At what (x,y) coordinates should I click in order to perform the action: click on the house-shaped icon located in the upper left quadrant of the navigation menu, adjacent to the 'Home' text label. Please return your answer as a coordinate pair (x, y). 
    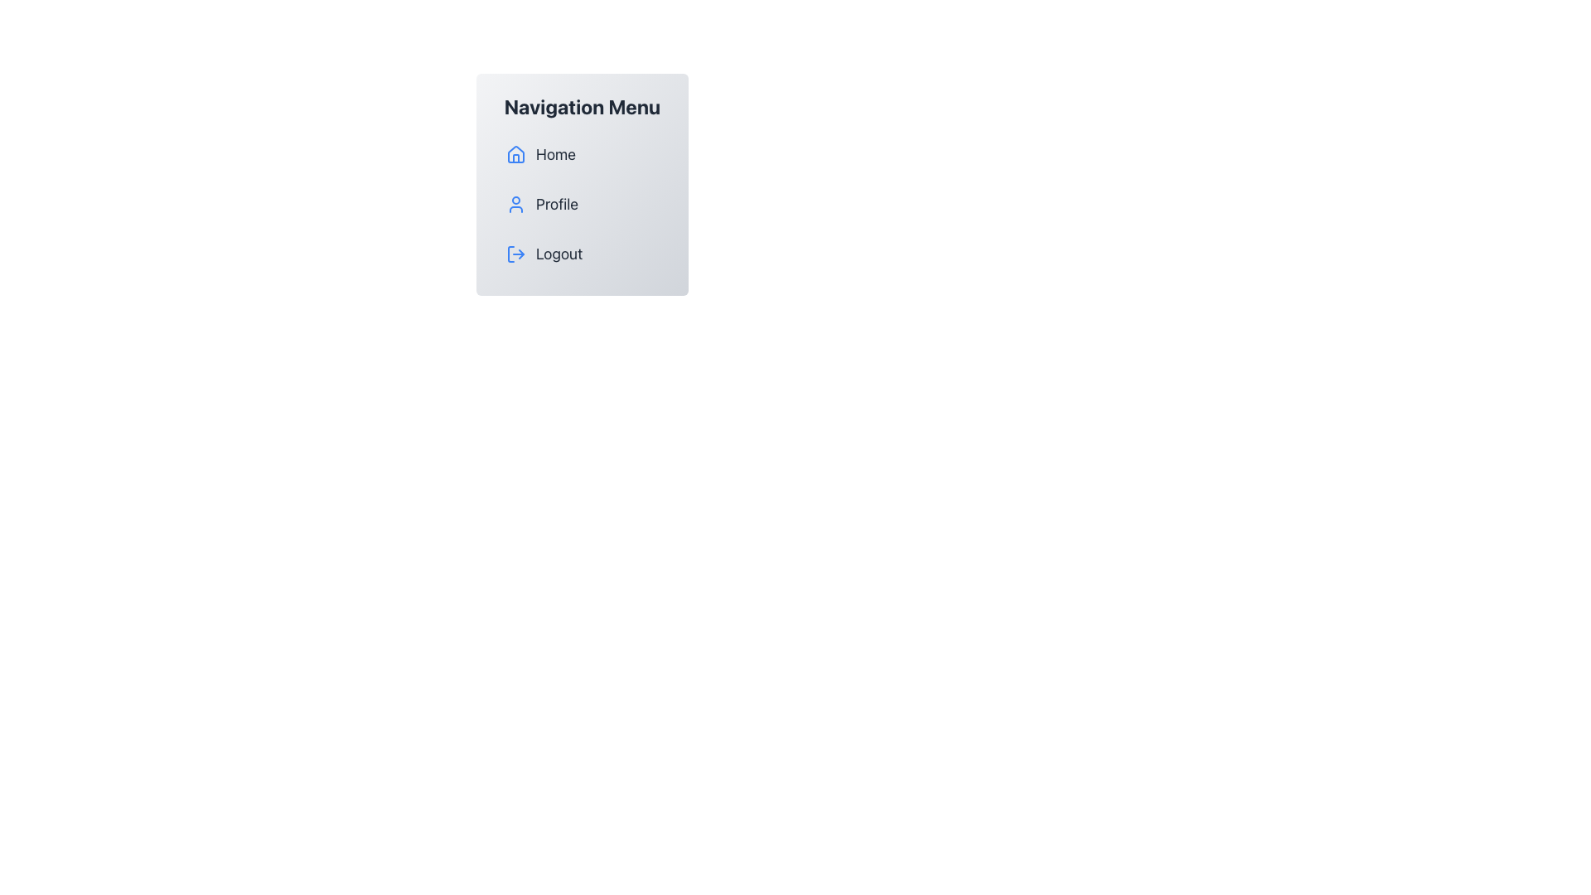
    Looking at the image, I should click on (515, 153).